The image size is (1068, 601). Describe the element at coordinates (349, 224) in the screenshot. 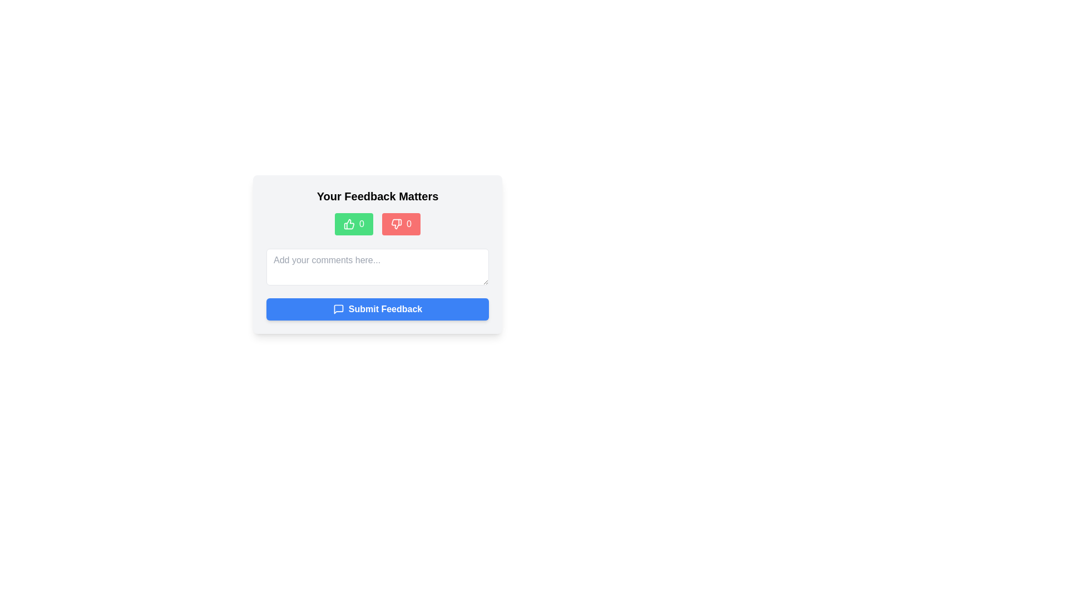

I see `the upvote icon located in the center of the green button on the left side of a horizontal layout to cast an upvote` at that location.